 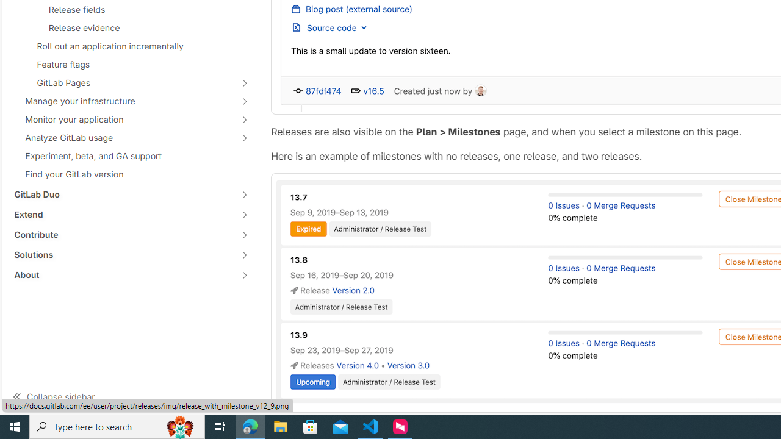 What do you see at coordinates (122, 82) in the screenshot?
I see `'GitLab Pages'` at bounding box center [122, 82].